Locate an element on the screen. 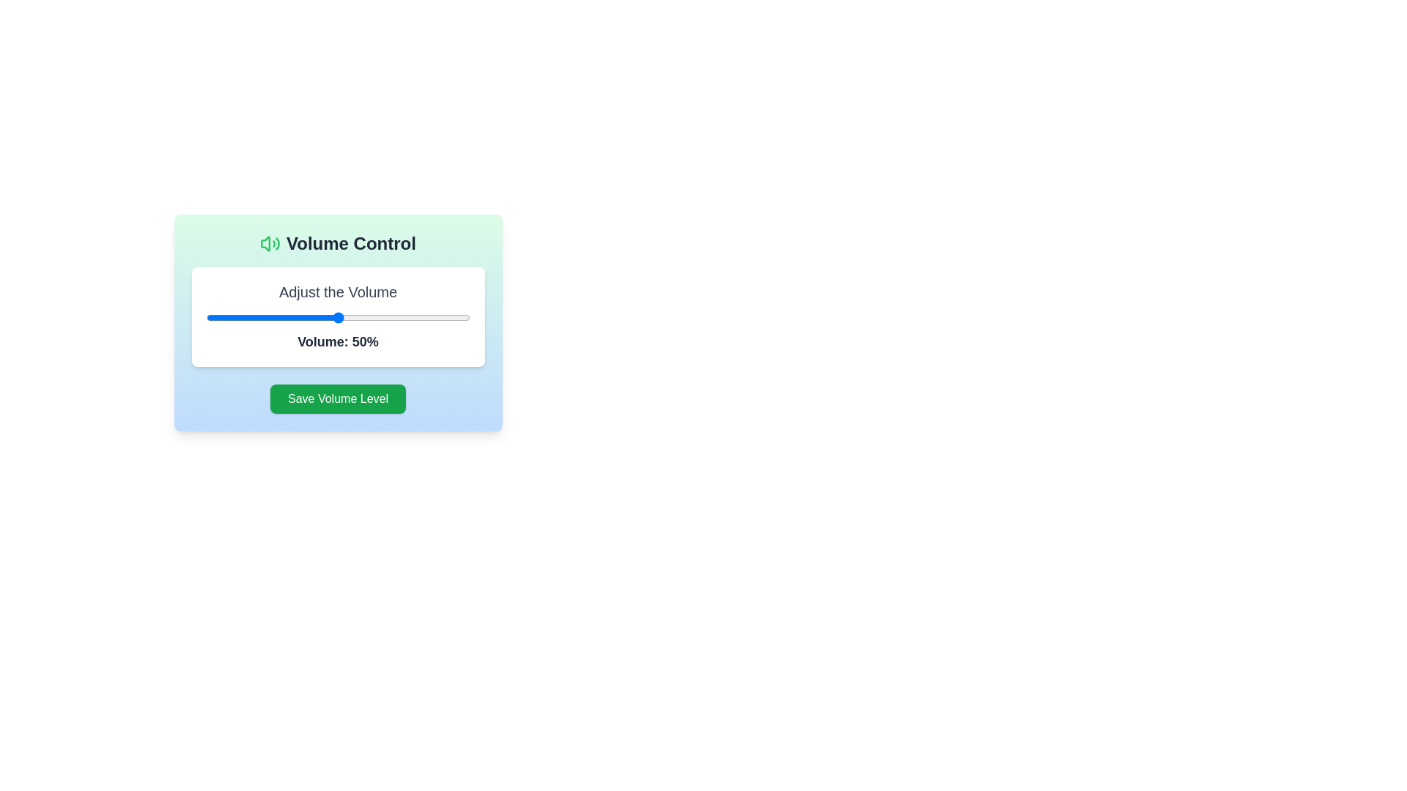  the volume slider to set the volume to 61% is located at coordinates (367, 317).